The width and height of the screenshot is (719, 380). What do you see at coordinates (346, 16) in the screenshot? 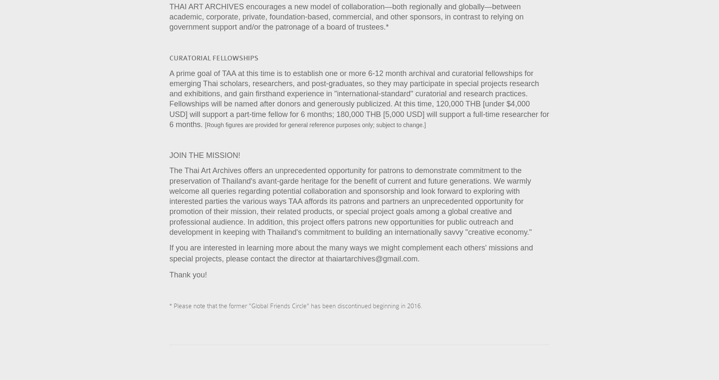
I see `'THAI ART ARCHIVES encourages a new model of collaboration—both regionally and globally—between academic, corporate, private, foundation-based, commercial, and other sponsors, in contrast to relying on government support and/or the patronage of a board of trustees.*'` at bounding box center [346, 16].